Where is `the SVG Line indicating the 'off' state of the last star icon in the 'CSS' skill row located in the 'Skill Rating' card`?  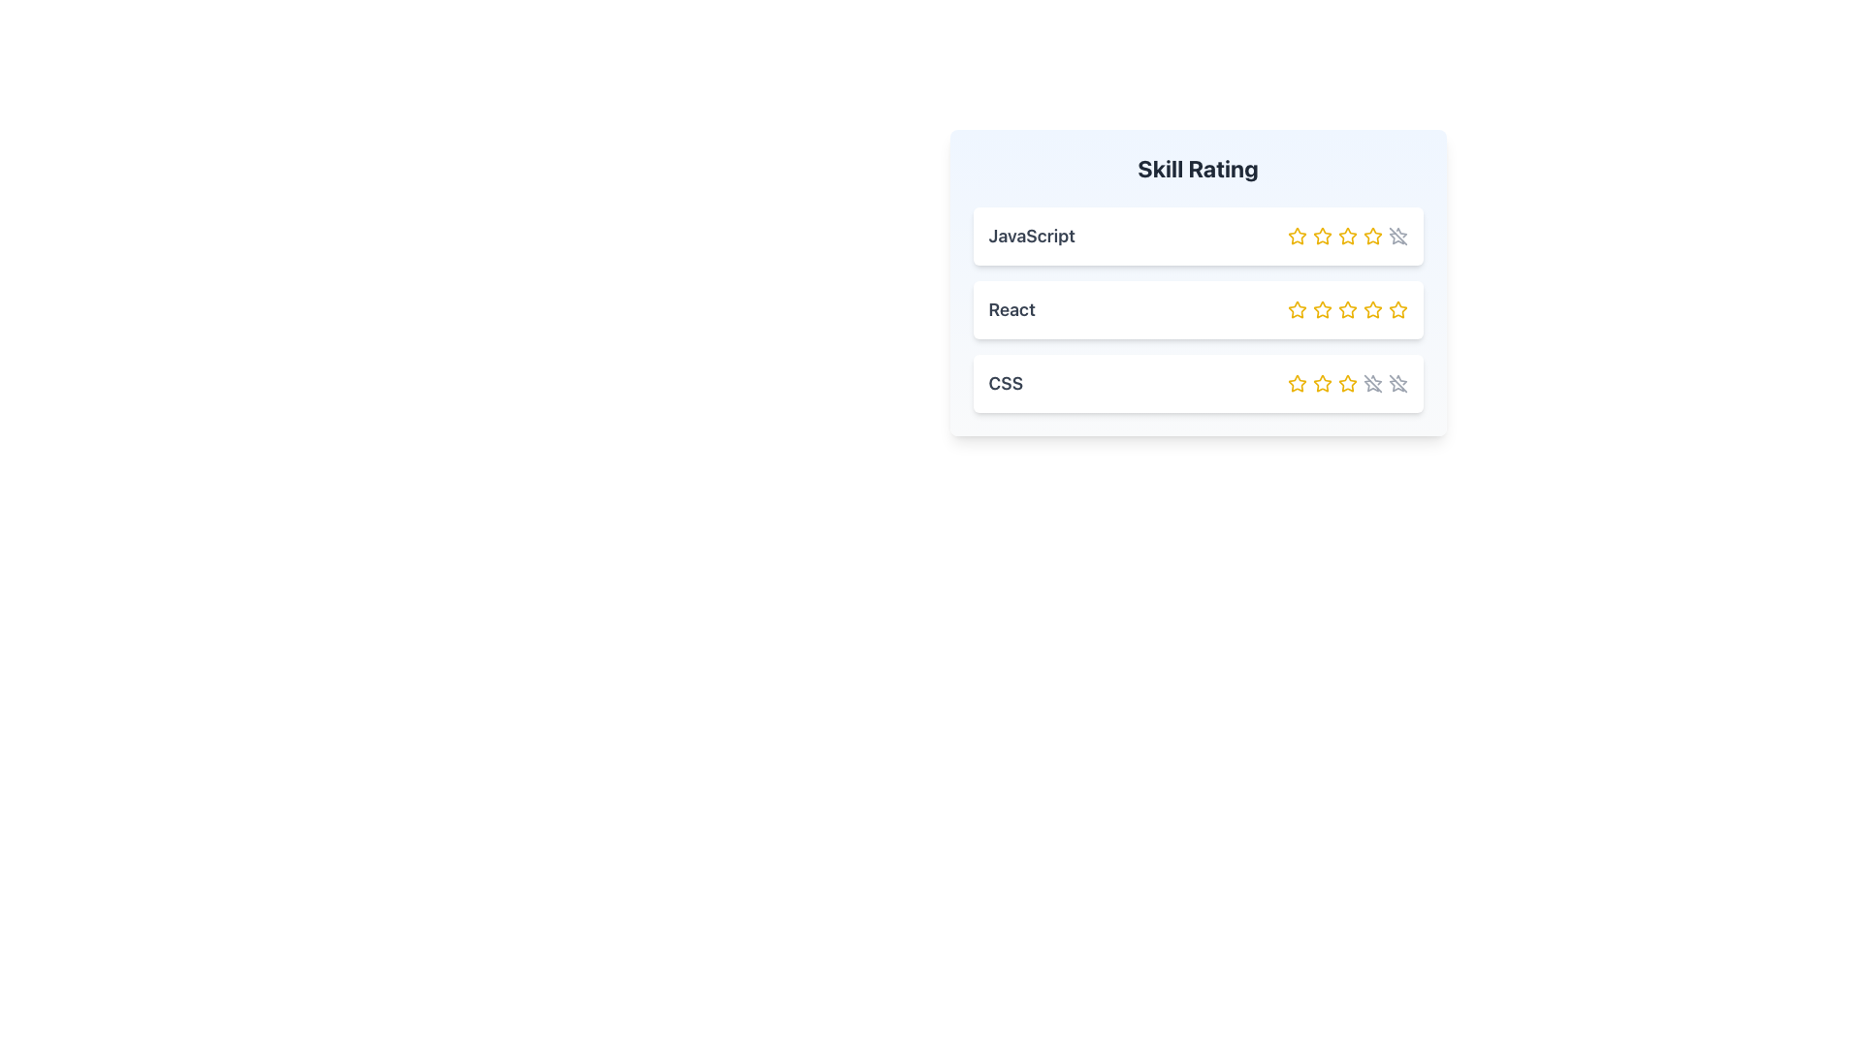 the SVG Line indicating the 'off' state of the last star icon in the 'CSS' skill row located in the 'Skill Rating' card is located at coordinates (1371, 384).